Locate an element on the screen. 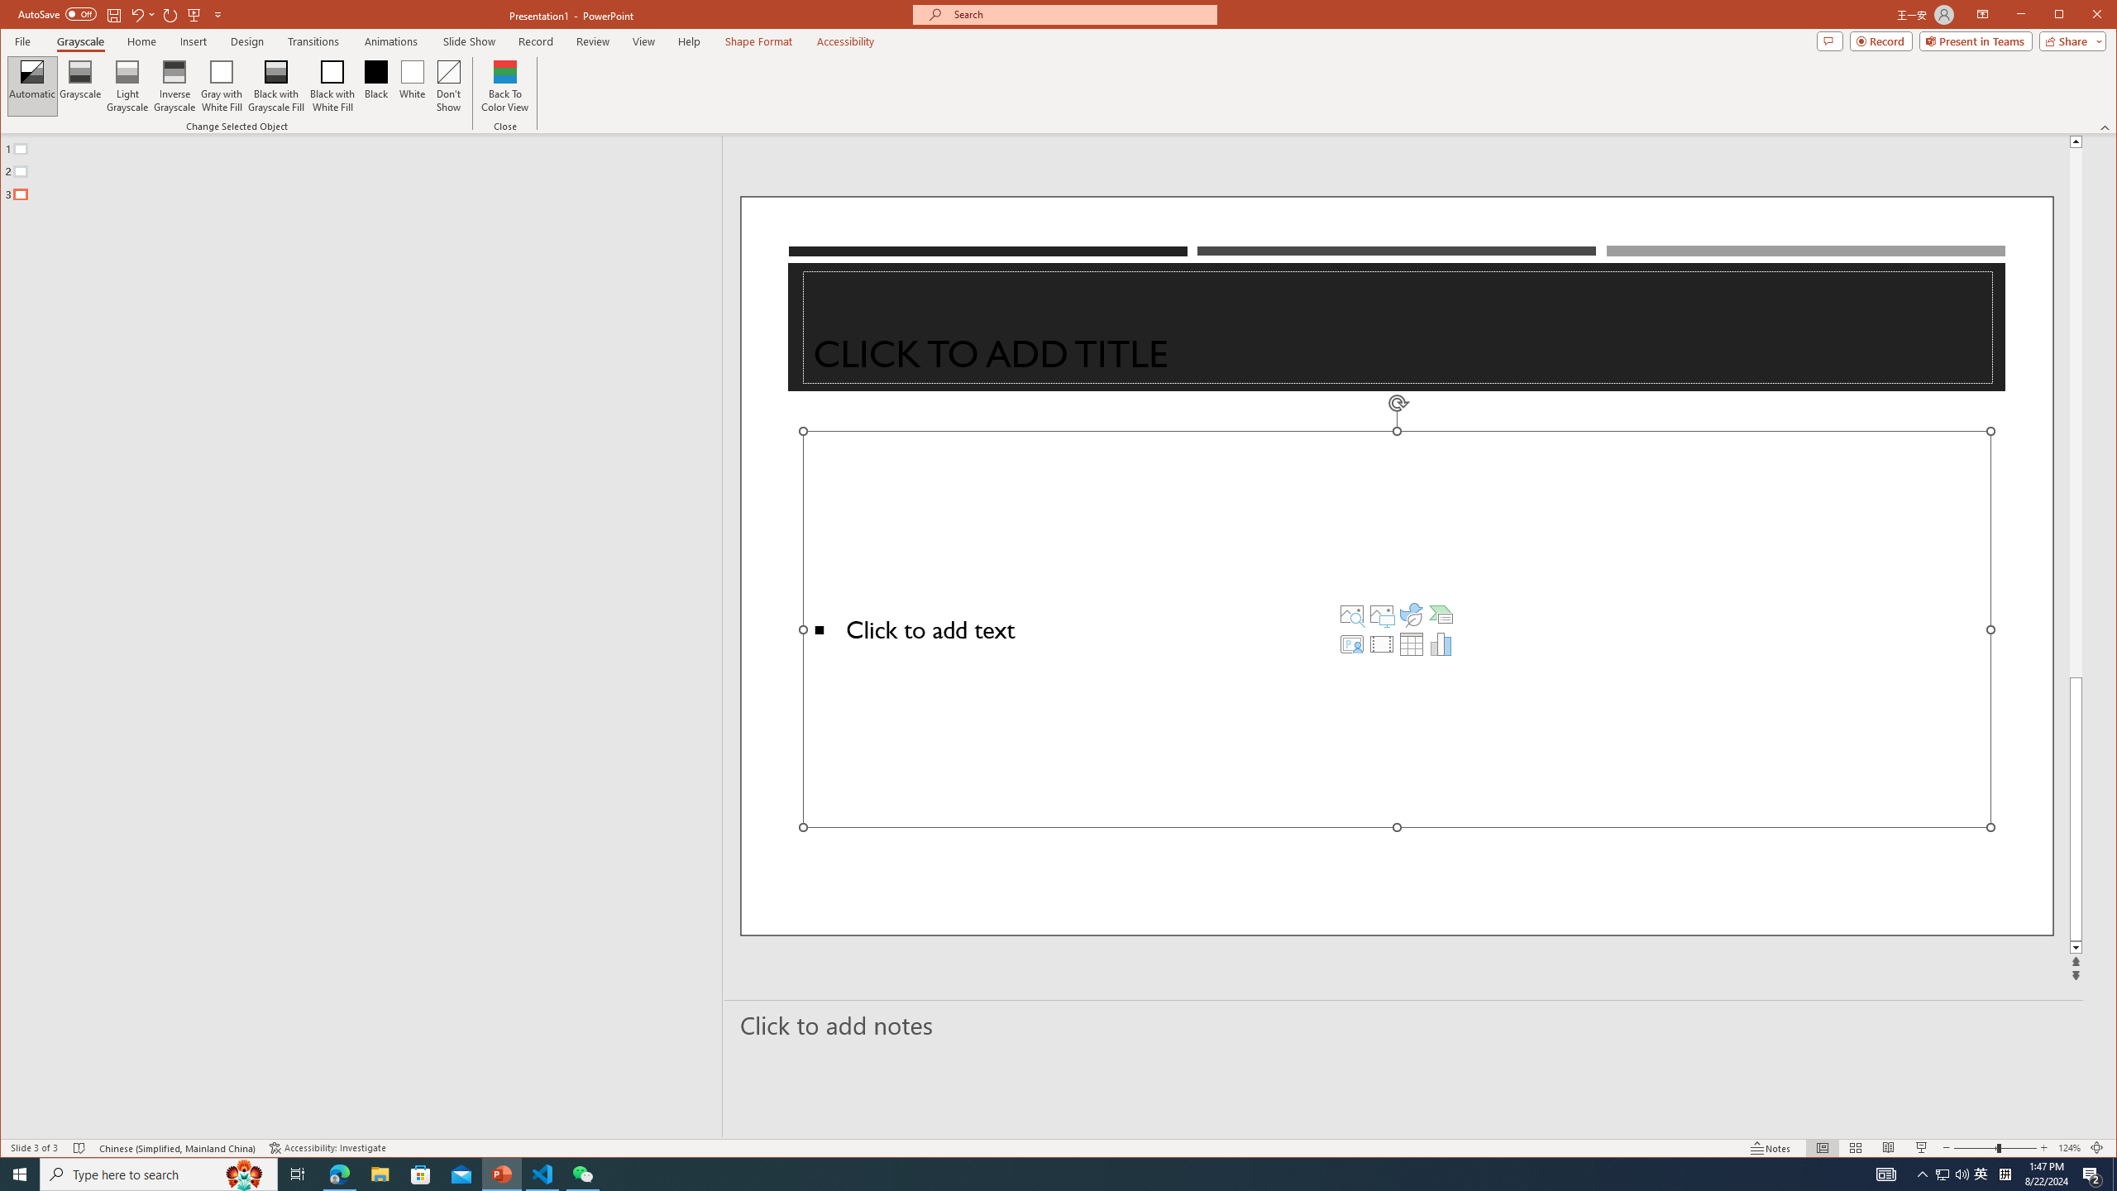 Image resolution: width=2117 pixels, height=1191 pixels. 'Black' is located at coordinates (375, 85).